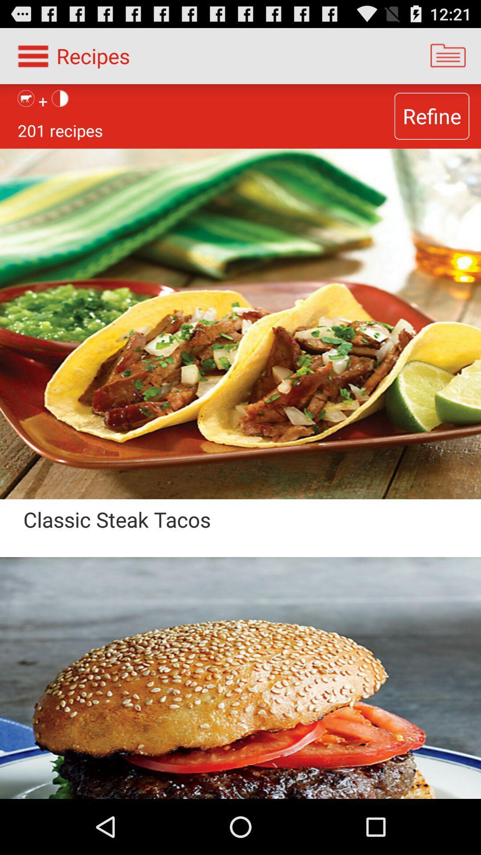 The height and width of the screenshot is (855, 481). I want to click on the item next to 201 recipes  icon, so click(431, 115).